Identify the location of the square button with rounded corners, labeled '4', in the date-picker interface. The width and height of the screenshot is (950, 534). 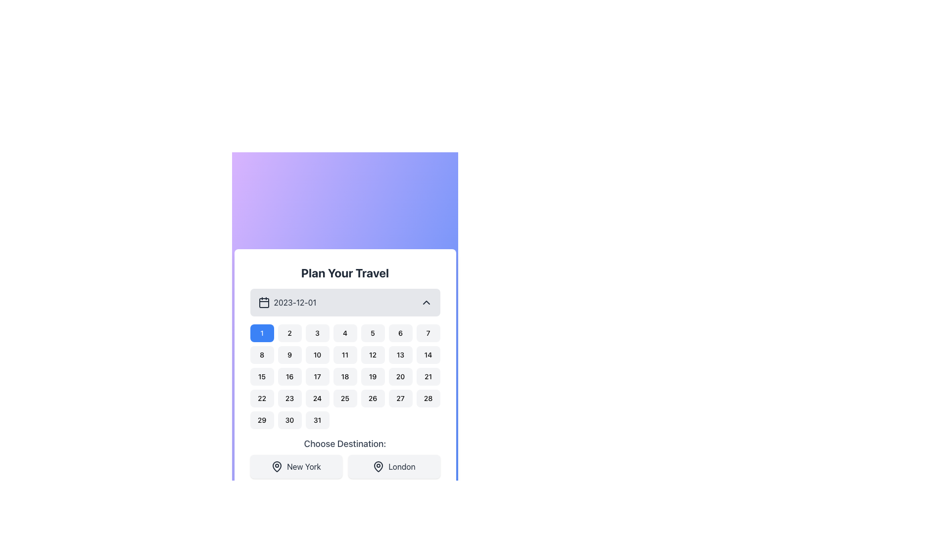
(345, 333).